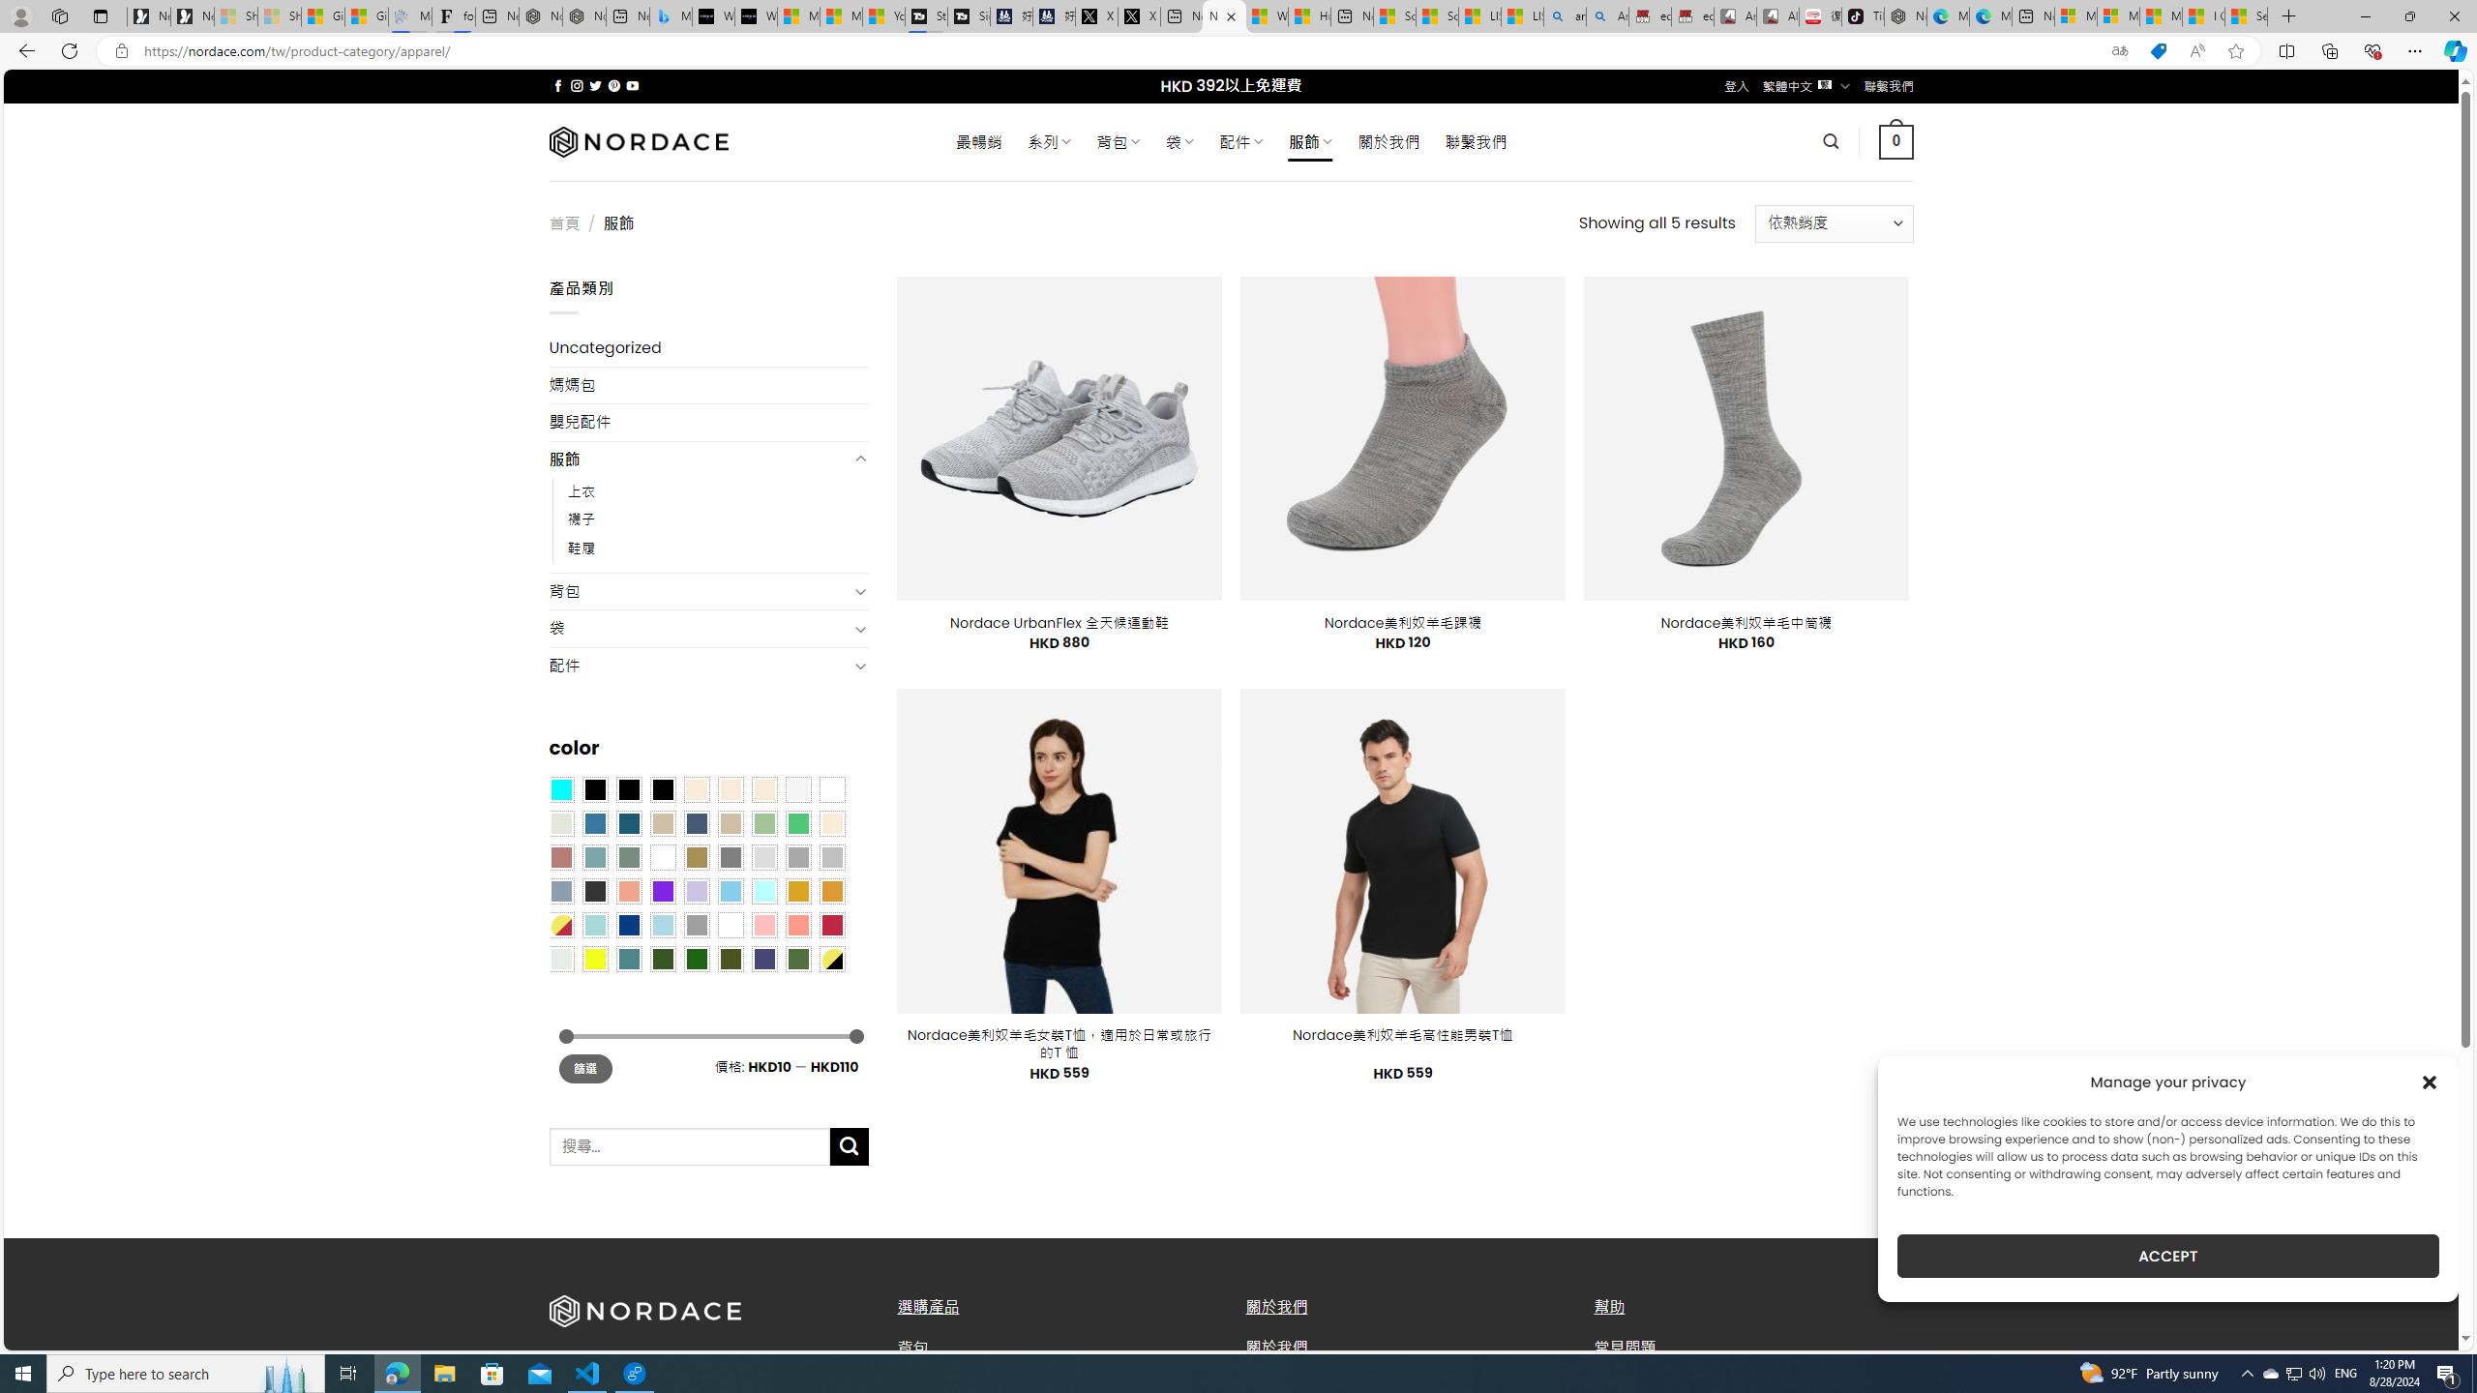 The height and width of the screenshot is (1393, 2477). What do you see at coordinates (2158, 51) in the screenshot?
I see `'This site has coupons! Shopping in Microsoft Edge'` at bounding box center [2158, 51].